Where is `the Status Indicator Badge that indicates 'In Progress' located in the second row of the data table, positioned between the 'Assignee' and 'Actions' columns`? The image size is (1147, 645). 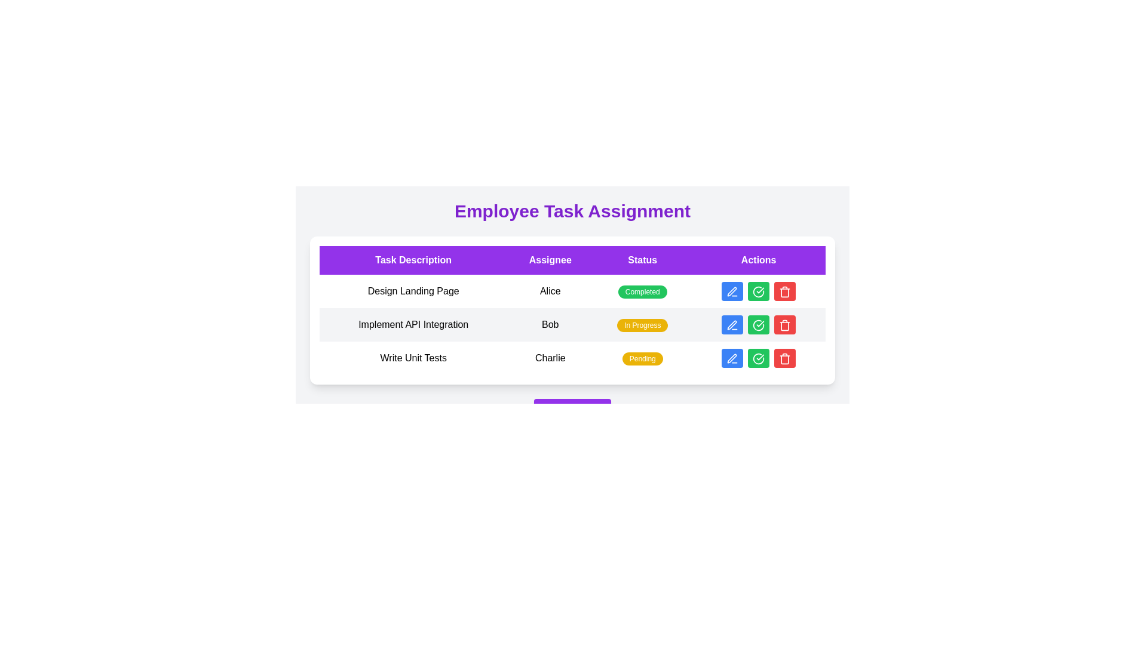 the Status Indicator Badge that indicates 'In Progress' located in the second row of the data table, positioned between the 'Assignee' and 'Actions' columns is located at coordinates (642, 325).